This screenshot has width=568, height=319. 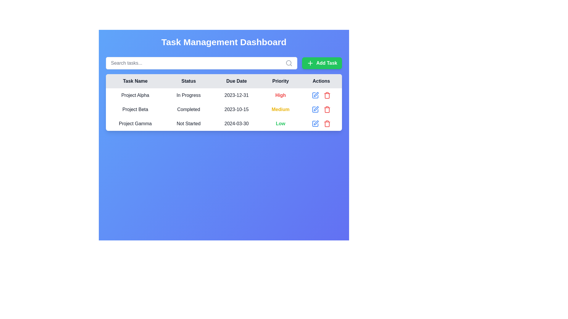 What do you see at coordinates (316, 123) in the screenshot?
I see `the edit icon located in the bottommost row of the table under the 'Actions' column to initiate the edit functionality` at bounding box center [316, 123].